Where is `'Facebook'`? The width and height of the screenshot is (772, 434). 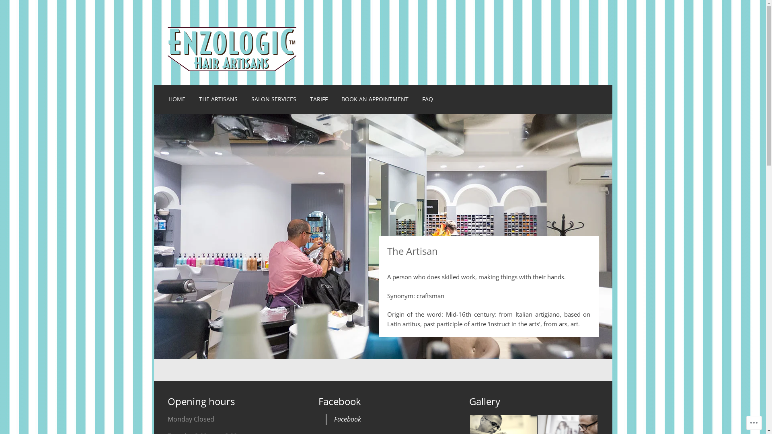
'Facebook' is located at coordinates (334, 418).